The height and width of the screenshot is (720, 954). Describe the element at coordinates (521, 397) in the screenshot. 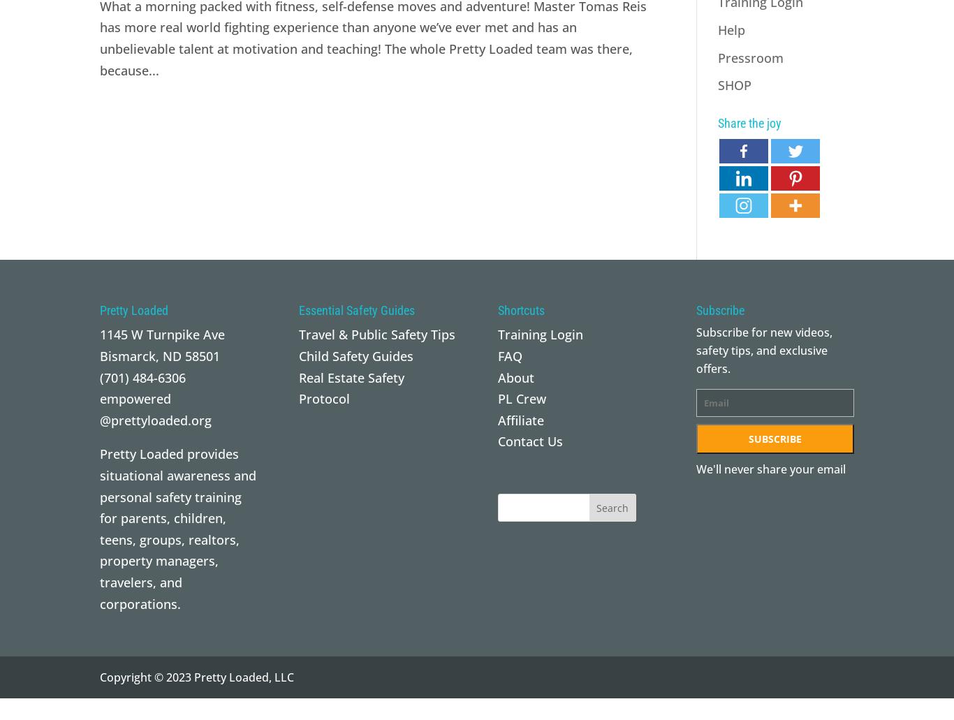

I see `'PL Crew'` at that location.